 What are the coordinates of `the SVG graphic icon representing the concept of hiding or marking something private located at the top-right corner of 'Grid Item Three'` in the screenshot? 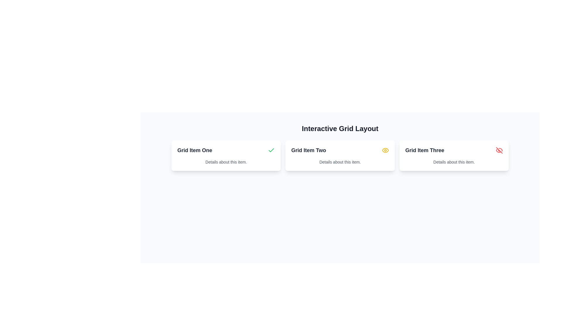 It's located at (499, 150).